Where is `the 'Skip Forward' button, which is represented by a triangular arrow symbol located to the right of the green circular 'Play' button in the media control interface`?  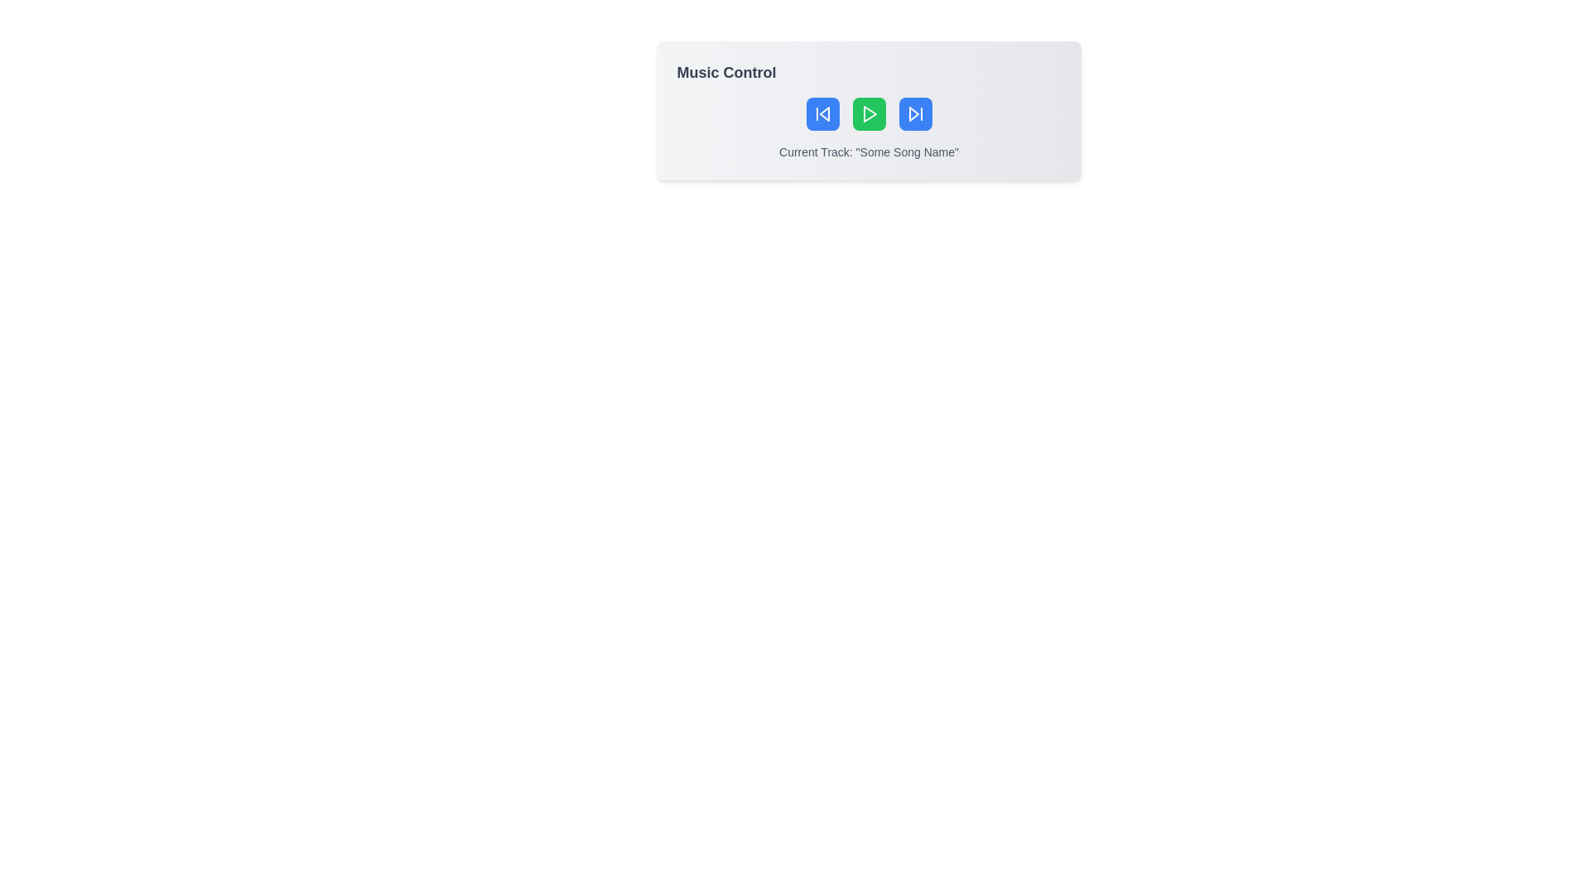 the 'Skip Forward' button, which is represented by a triangular arrow symbol located to the right of the green circular 'Play' button in the media control interface is located at coordinates (913, 113).